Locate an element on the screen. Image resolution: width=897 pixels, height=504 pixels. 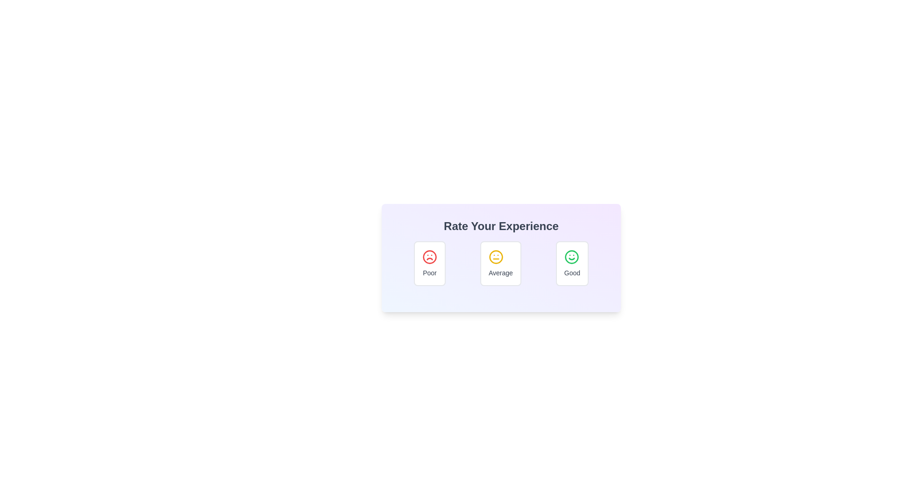
the Text label that describes the associated green smiling face icon, which displays the text 'Good' is located at coordinates (571, 273).